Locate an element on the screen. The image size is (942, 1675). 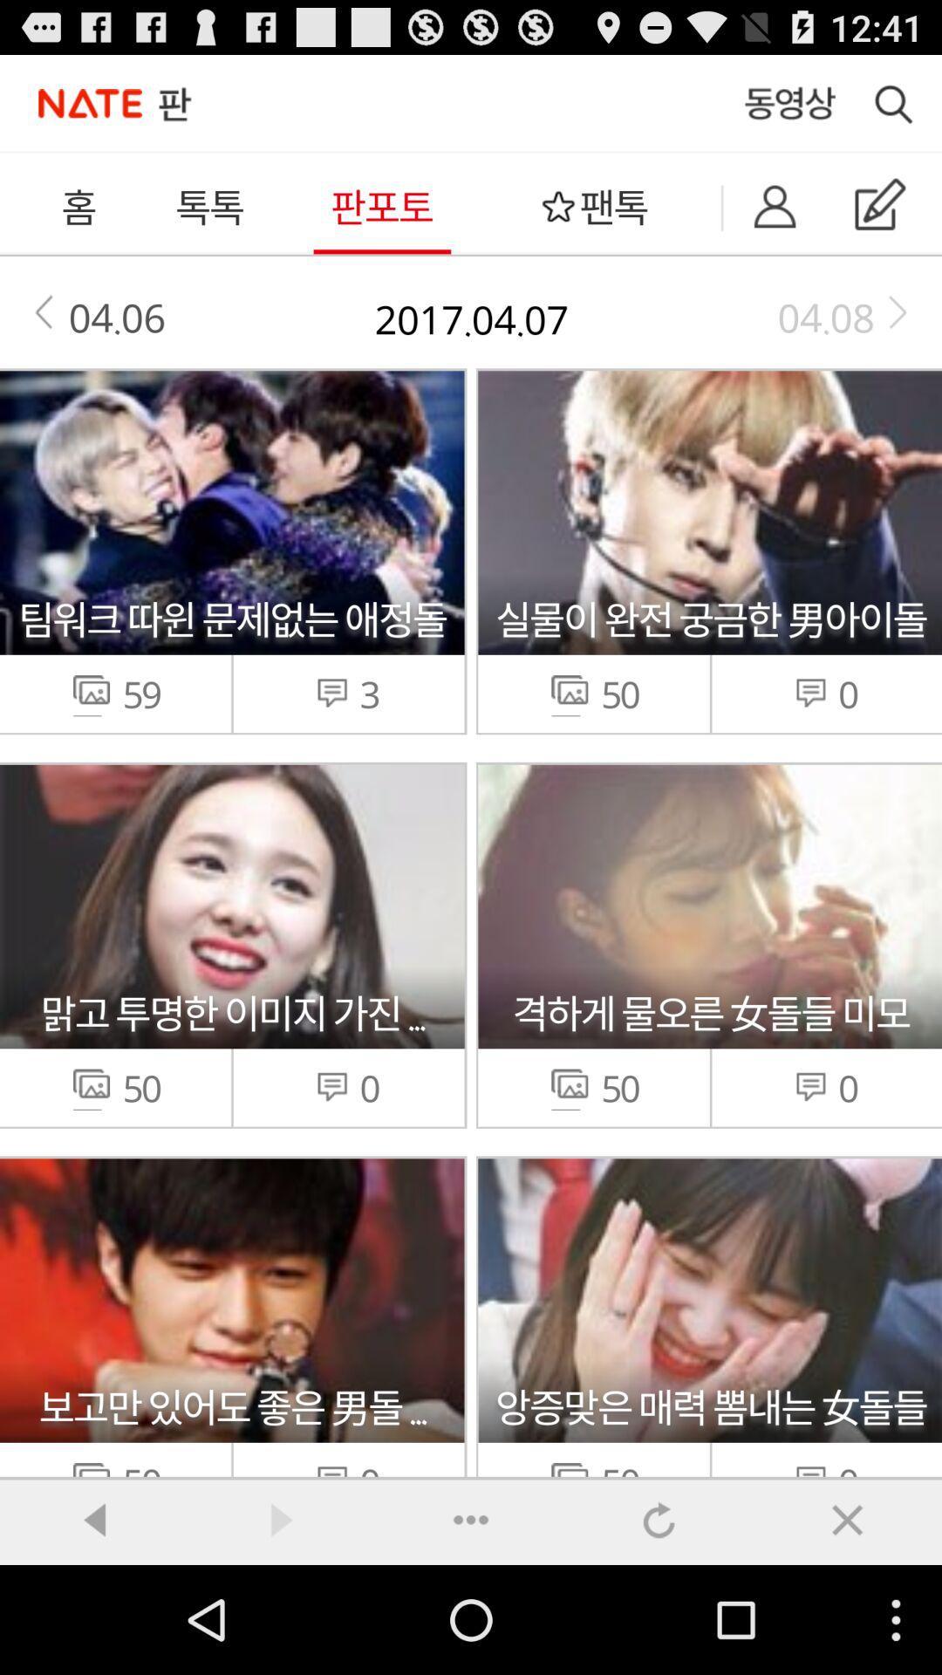
options bar is located at coordinates (471, 1518).